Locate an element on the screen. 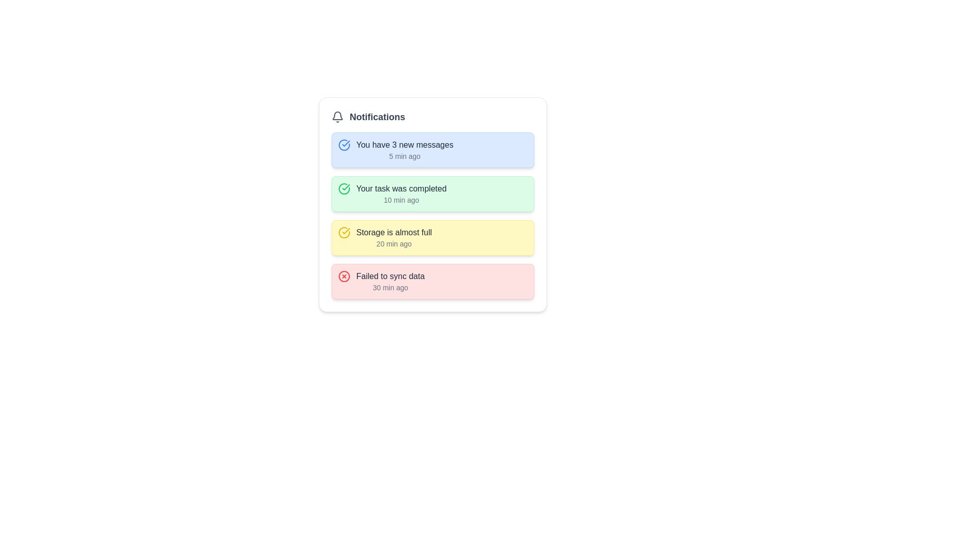 The image size is (978, 550). the red circular icon indicating an error status located on the left side of the fourth notification card in the notifications panel is located at coordinates (344, 277).